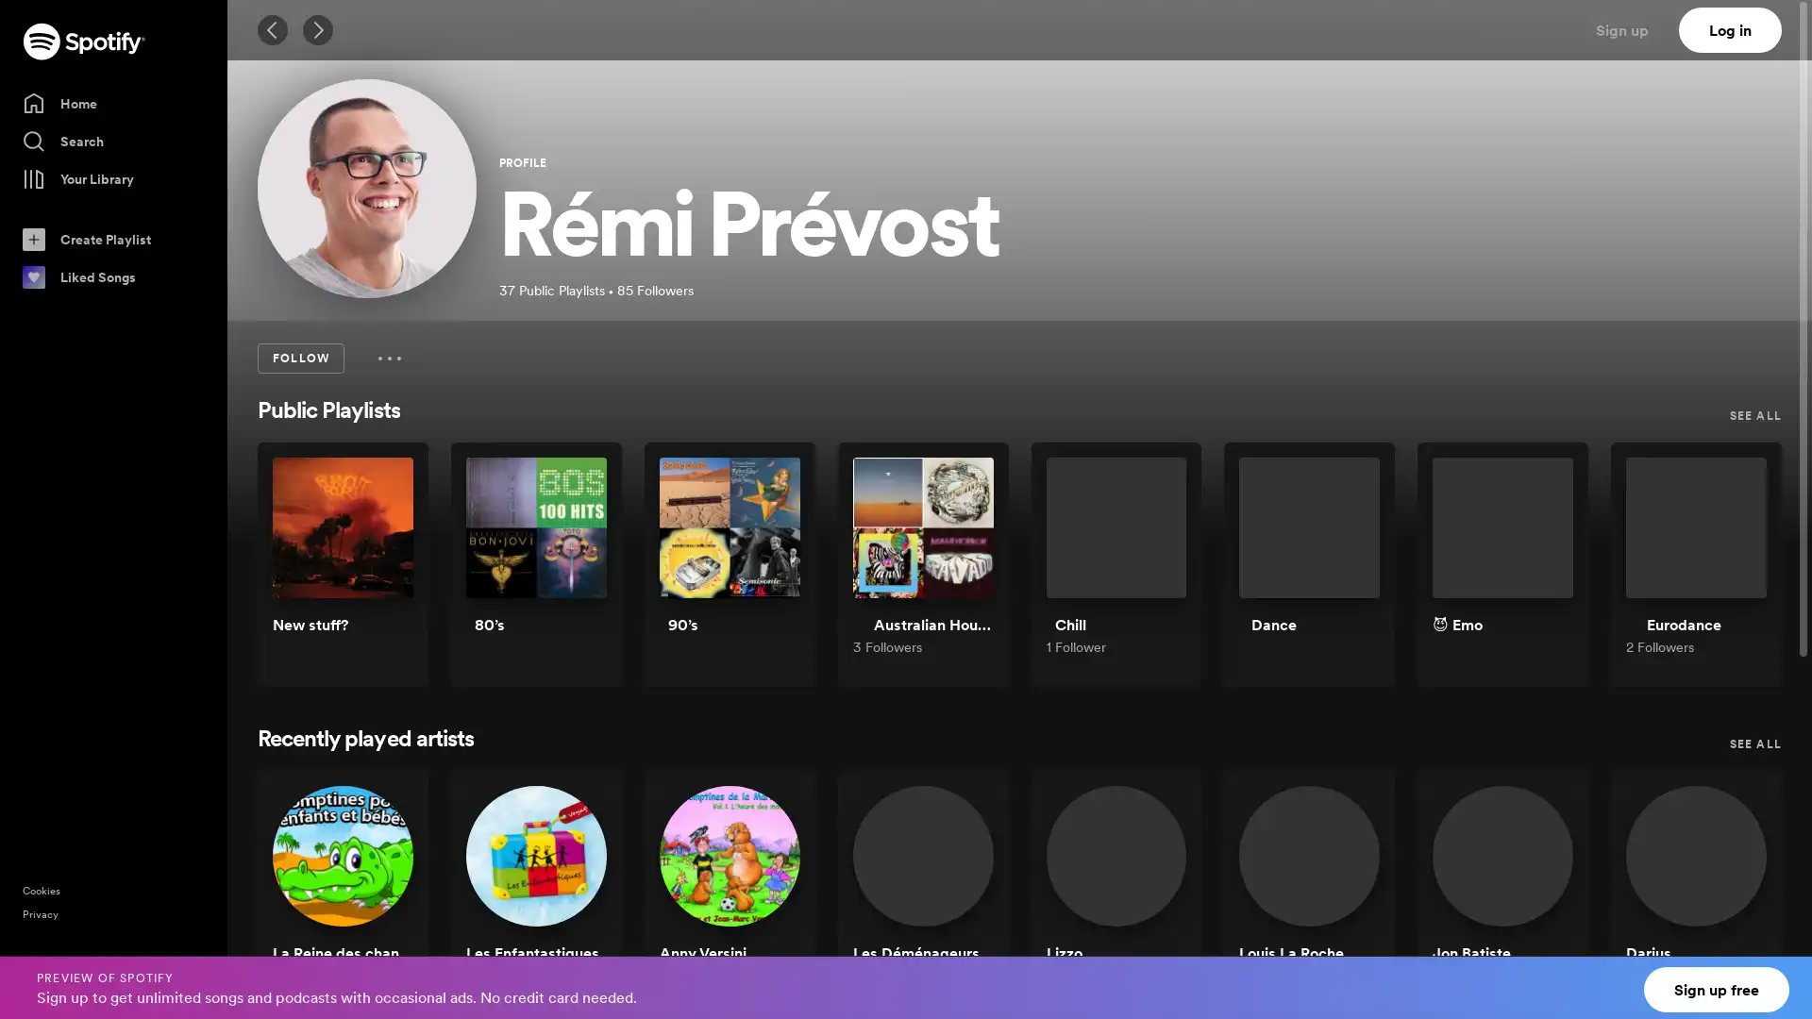  What do you see at coordinates (1543, 901) in the screenshot?
I see `Play Jon Batiste` at bounding box center [1543, 901].